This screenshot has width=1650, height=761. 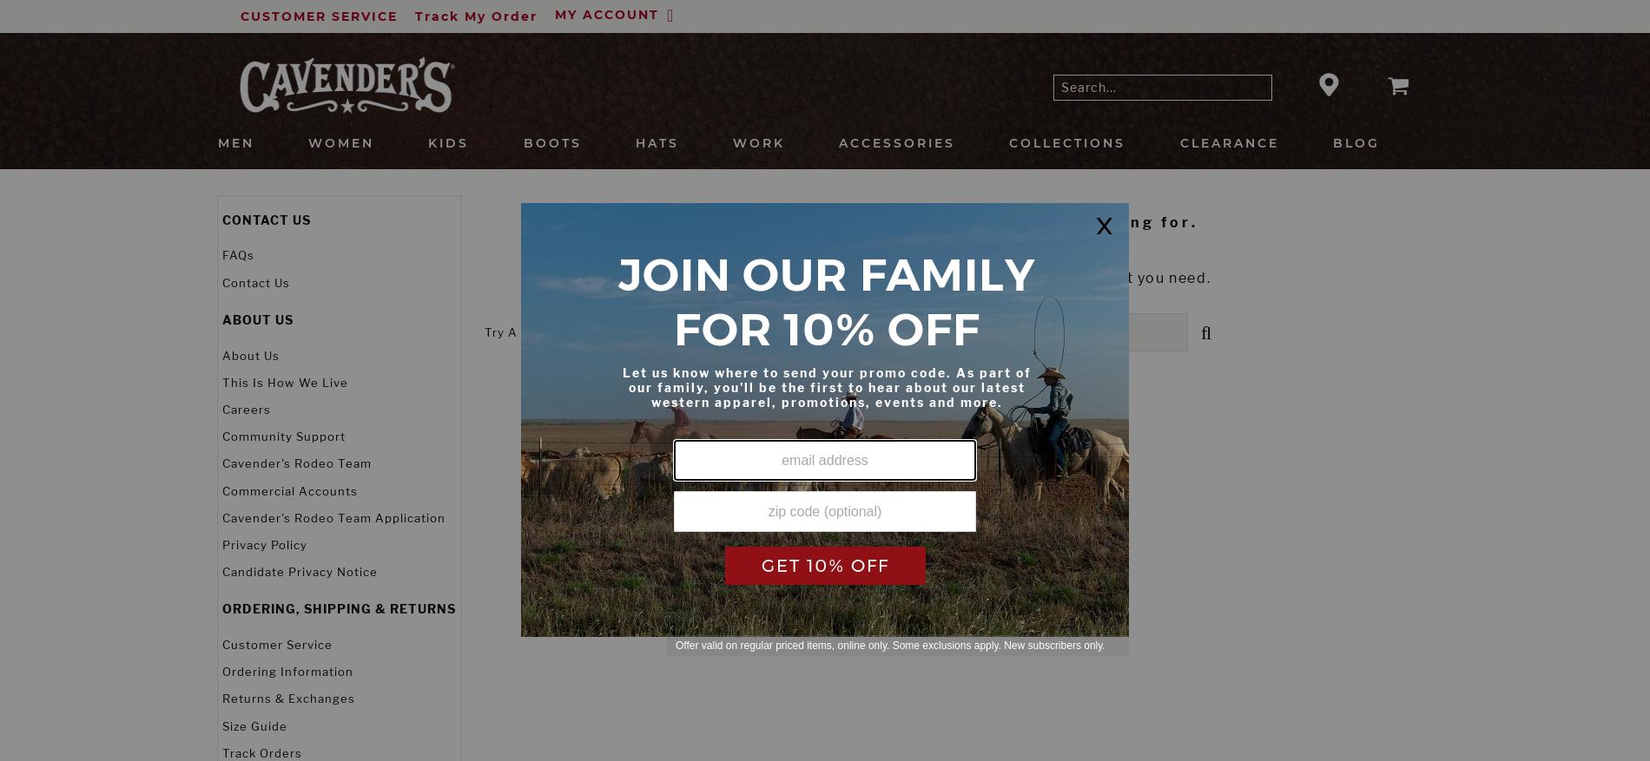 I want to click on 'BLOG', so click(x=1356, y=142).